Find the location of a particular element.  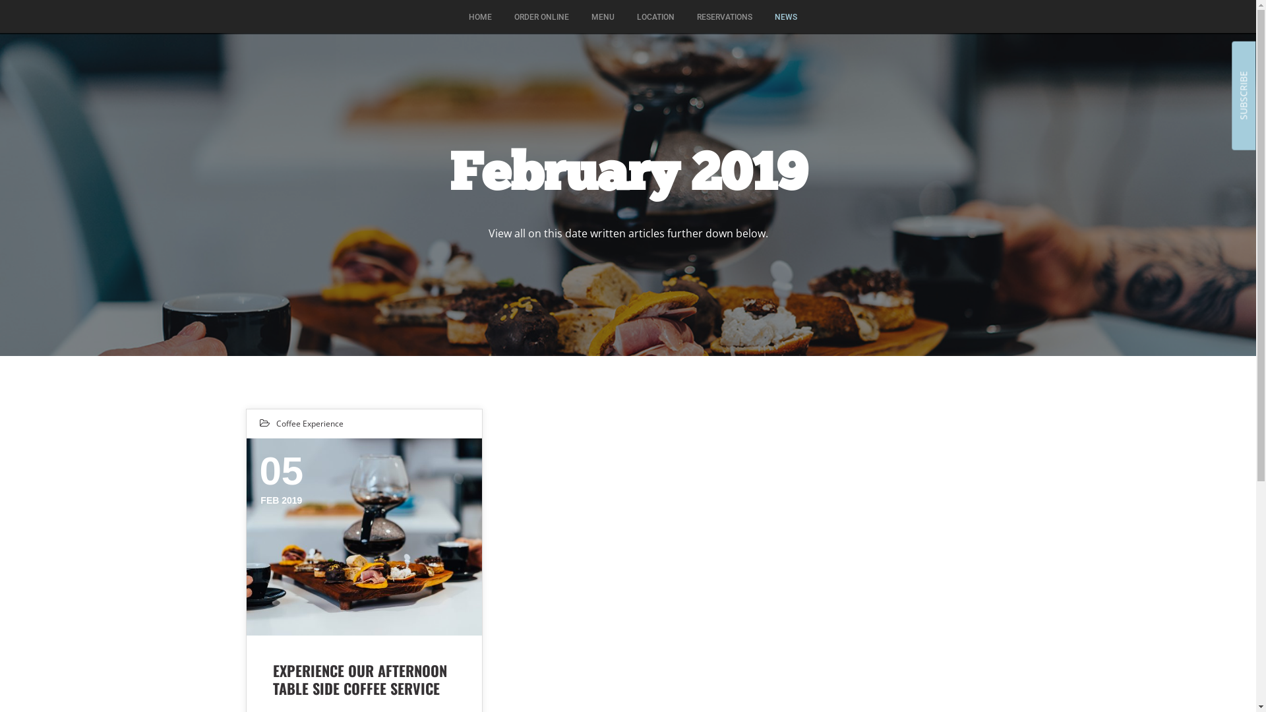

'RESERVATIONS' is located at coordinates (724, 17).